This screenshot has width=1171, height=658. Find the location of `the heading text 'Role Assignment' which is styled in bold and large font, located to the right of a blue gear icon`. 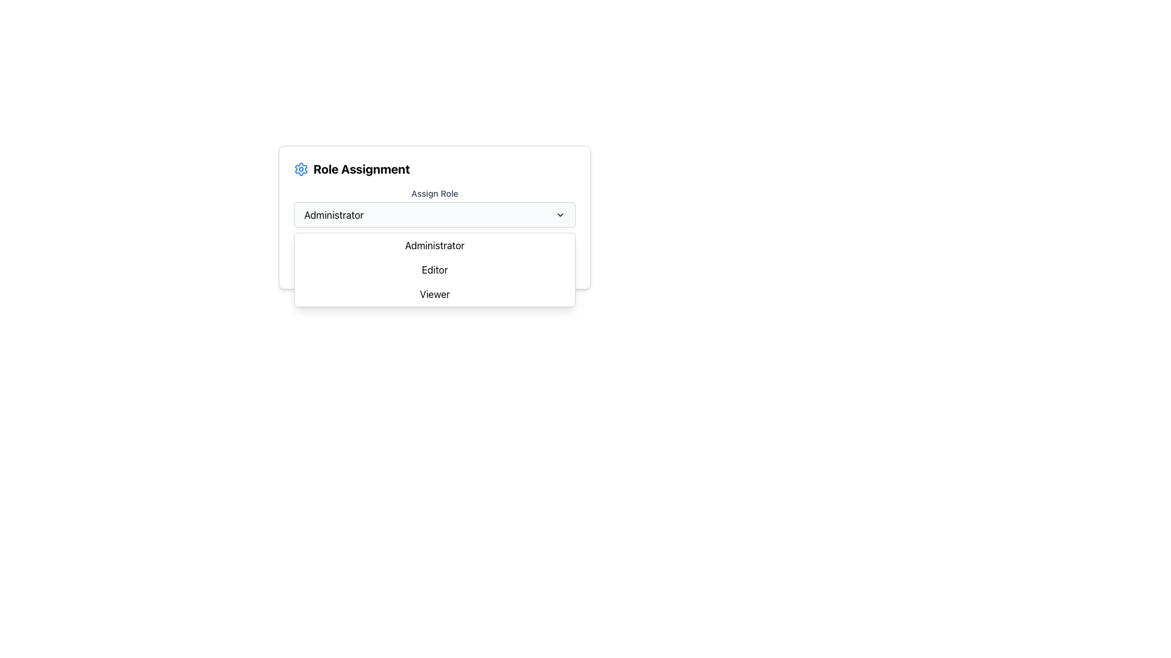

the heading text 'Role Assignment' which is styled in bold and large font, located to the right of a blue gear icon is located at coordinates (435, 169).